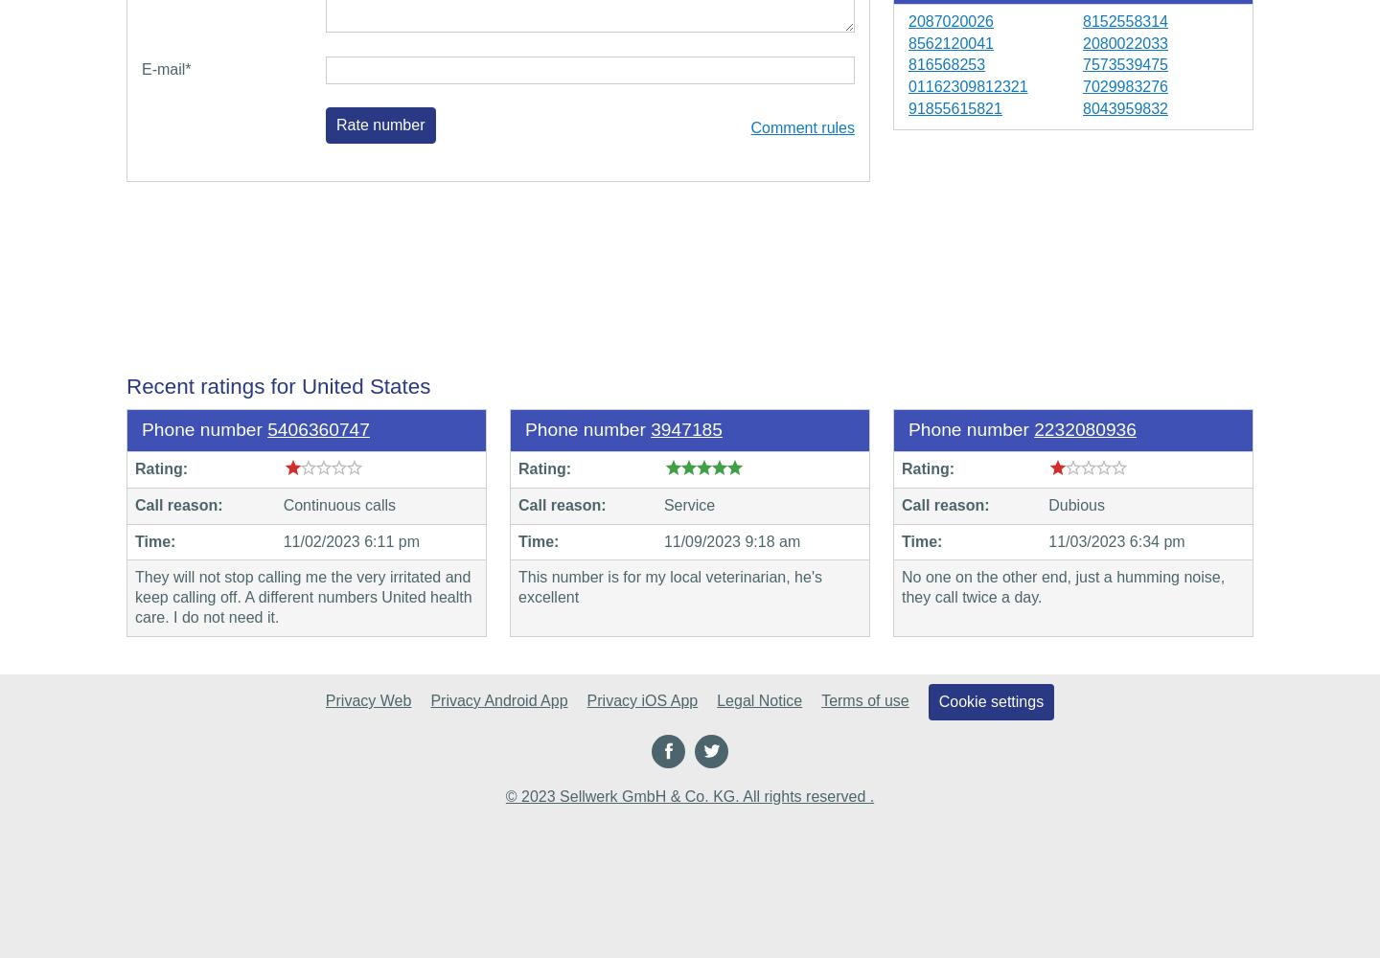 Image resolution: width=1380 pixels, height=958 pixels. Describe the element at coordinates (908, 85) in the screenshot. I see `'01162309812321'` at that location.